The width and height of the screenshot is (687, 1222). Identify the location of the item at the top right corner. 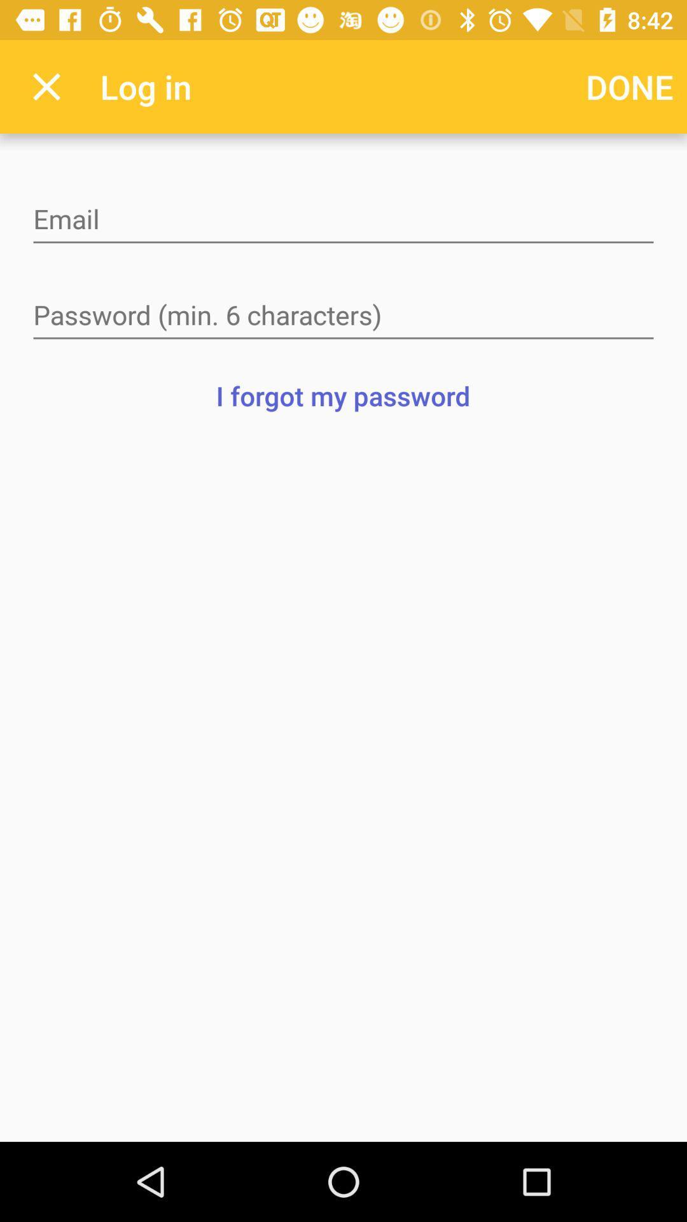
(630, 86).